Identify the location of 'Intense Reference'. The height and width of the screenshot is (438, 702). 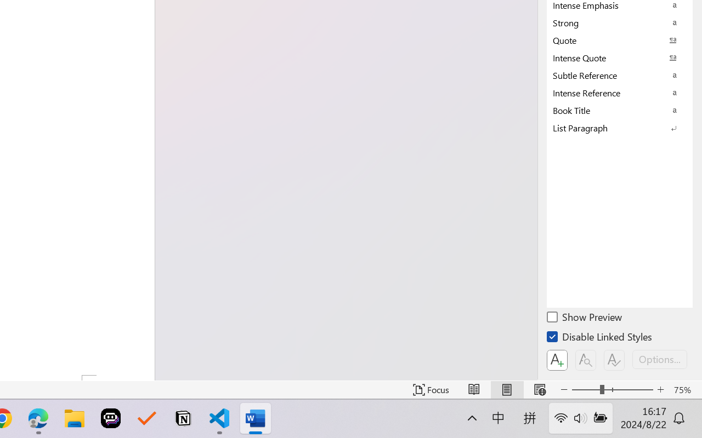
(620, 92).